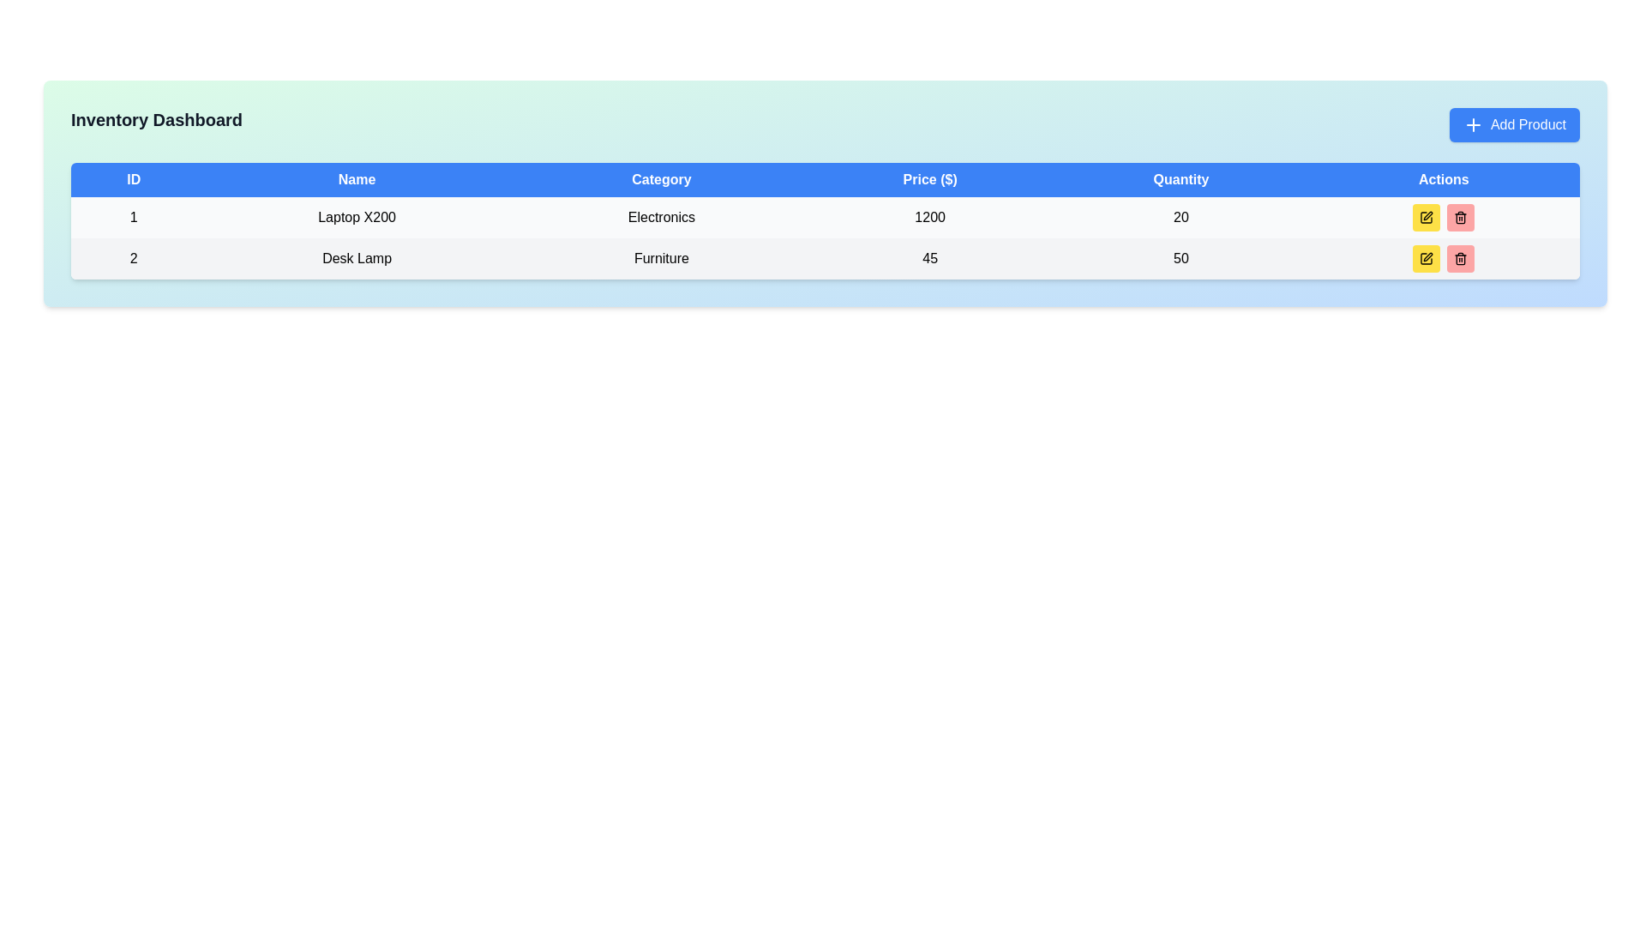  I want to click on the red rounded button with a trash can icon in the 'Actions' column of the second row, so click(1460, 258).